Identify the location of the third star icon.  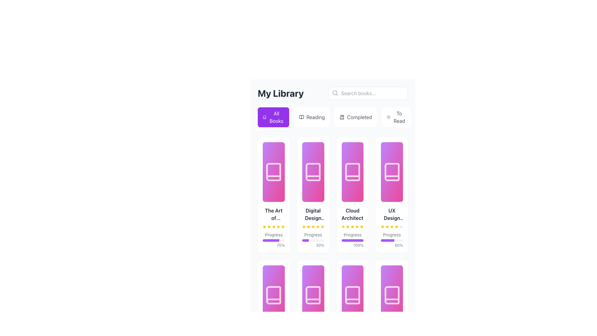
(387, 227).